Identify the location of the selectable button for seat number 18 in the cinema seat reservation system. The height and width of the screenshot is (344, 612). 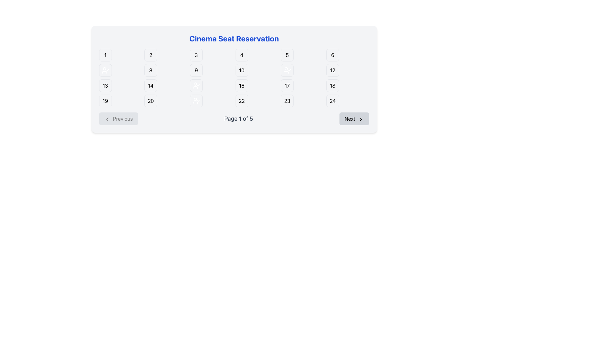
(332, 85).